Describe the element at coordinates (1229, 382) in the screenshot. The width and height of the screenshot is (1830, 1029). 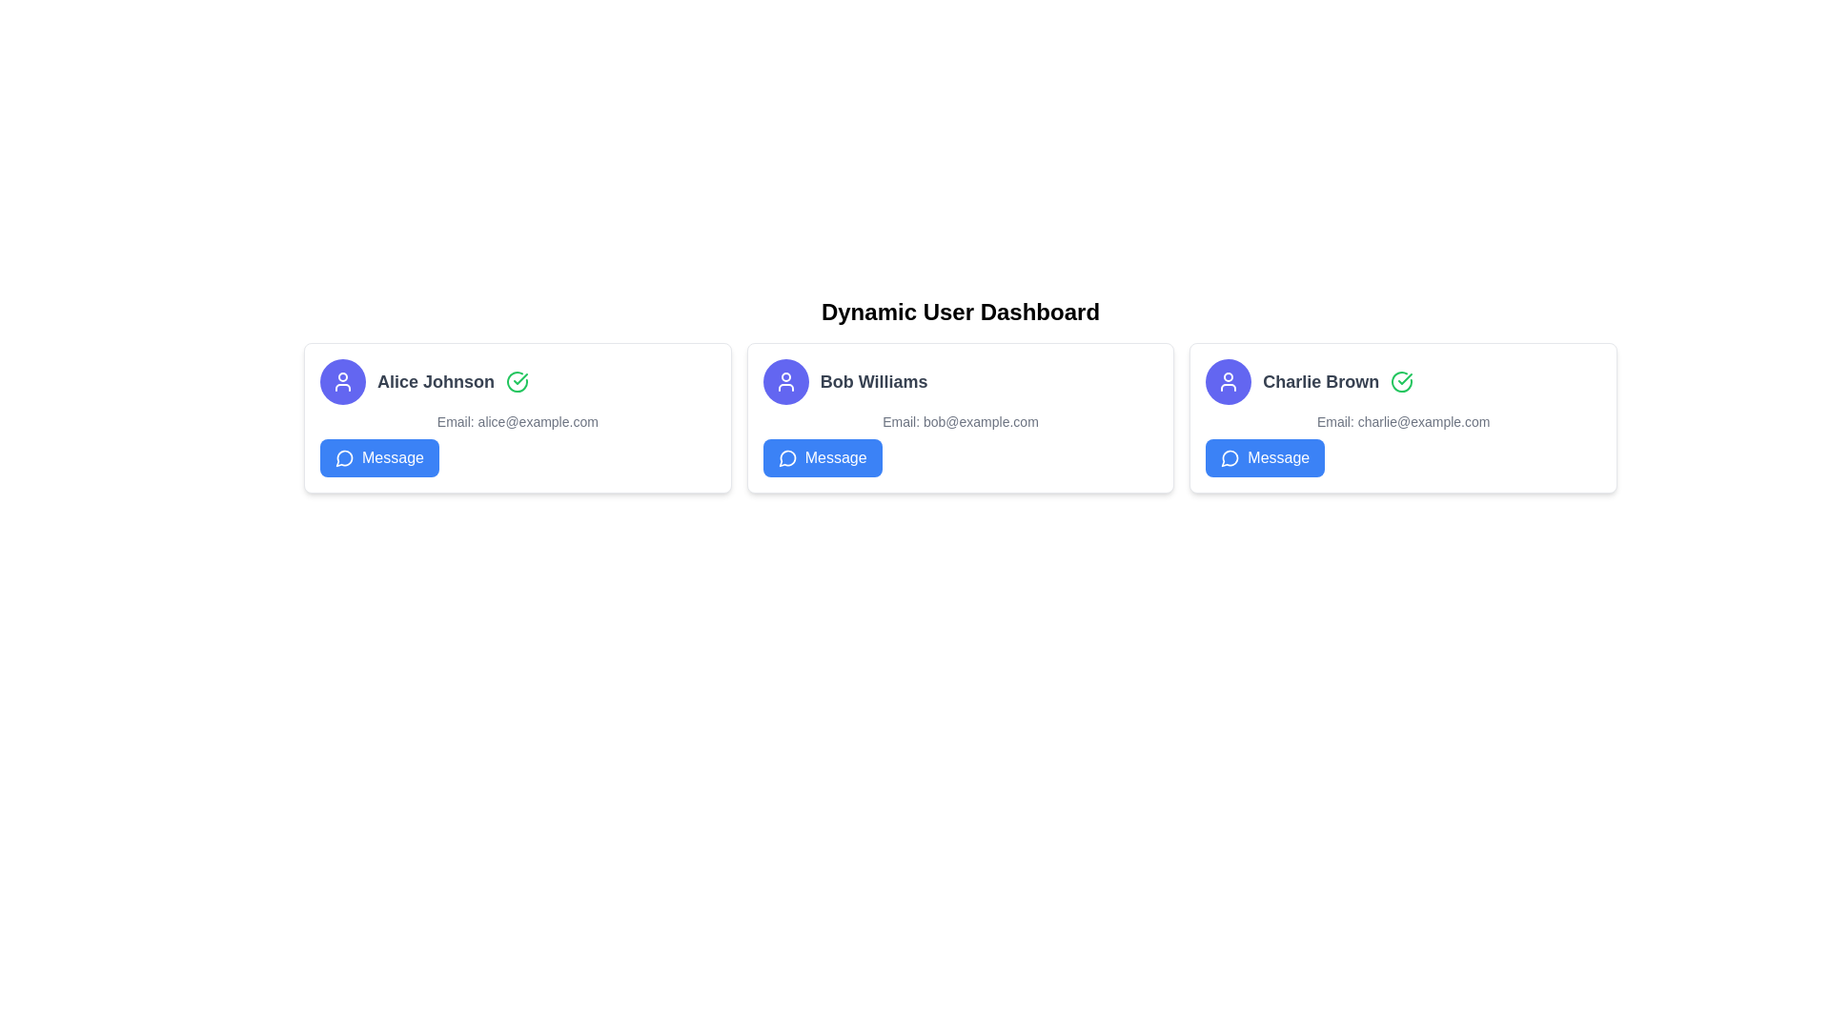
I see `the profile avatar icon representing 'Charlie Brown', which is located on the rightmost card in a three-card layout, above and to the left of the text reading 'Charlie Brown'` at that location.